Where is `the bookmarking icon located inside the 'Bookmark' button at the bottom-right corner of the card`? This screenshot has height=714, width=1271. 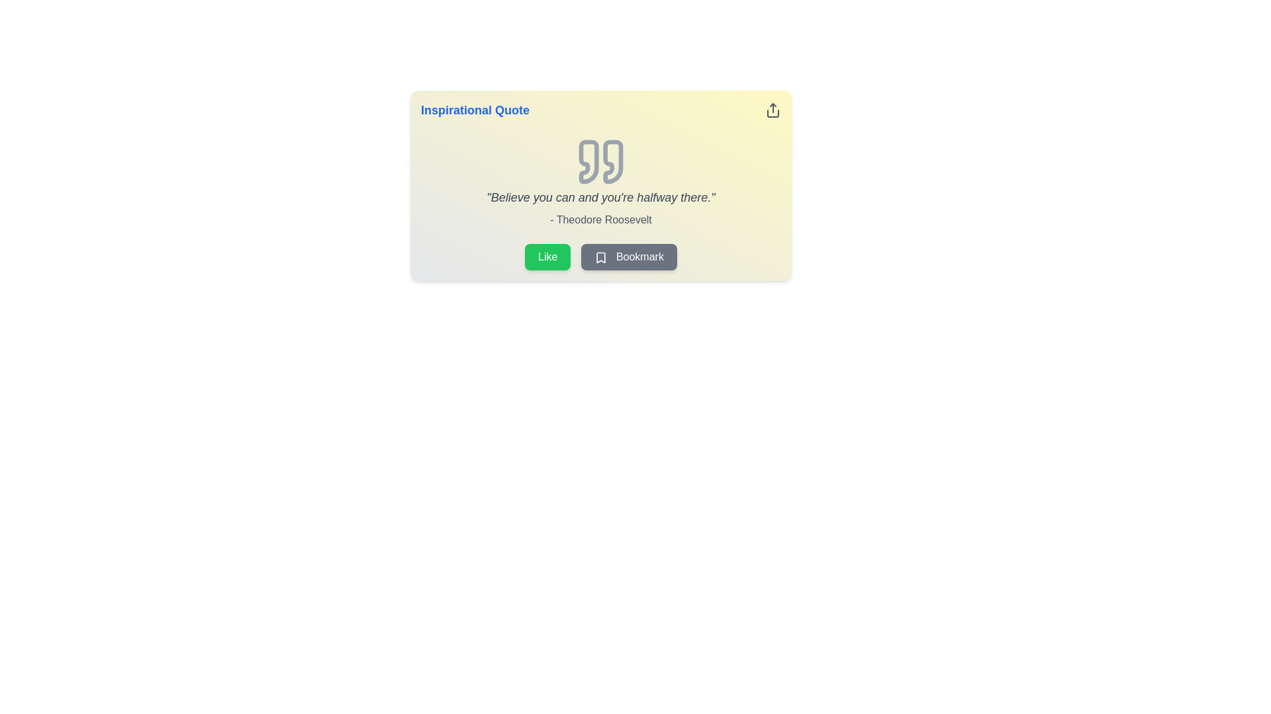 the bookmarking icon located inside the 'Bookmark' button at the bottom-right corner of the card is located at coordinates (600, 257).